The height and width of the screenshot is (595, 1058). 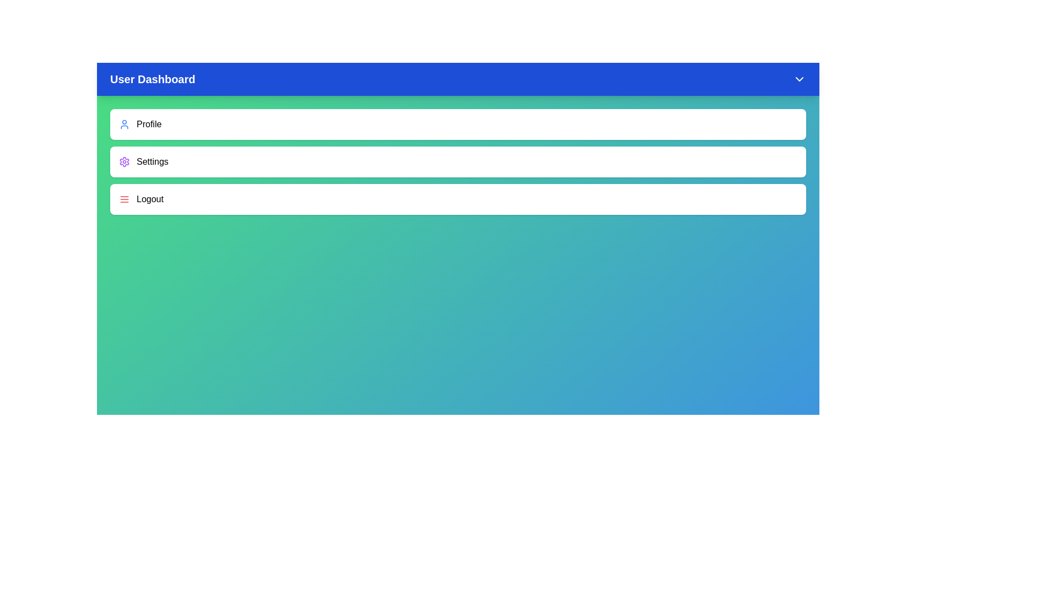 I want to click on the 'Profile' menu item, so click(x=458, y=124).